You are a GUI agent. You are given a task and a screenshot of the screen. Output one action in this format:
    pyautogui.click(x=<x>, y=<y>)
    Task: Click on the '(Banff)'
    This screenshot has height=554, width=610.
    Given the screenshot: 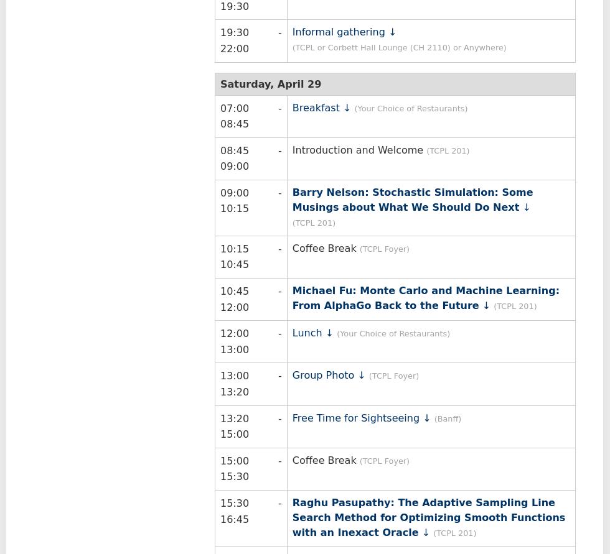 What is the action you would take?
    pyautogui.click(x=448, y=417)
    